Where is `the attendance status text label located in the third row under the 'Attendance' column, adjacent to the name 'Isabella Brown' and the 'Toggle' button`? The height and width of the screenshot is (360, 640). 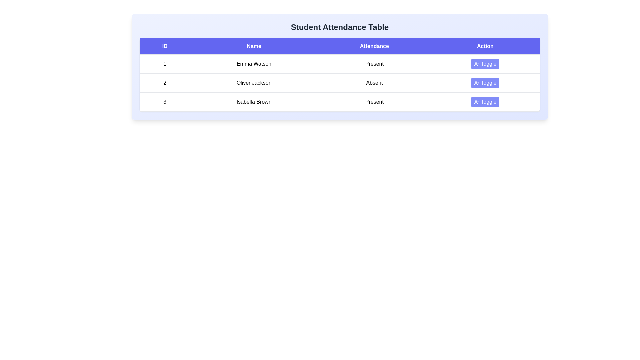 the attendance status text label located in the third row under the 'Attendance' column, adjacent to the name 'Isabella Brown' and the 'Toggle' button is located at coordinates (374, 102).